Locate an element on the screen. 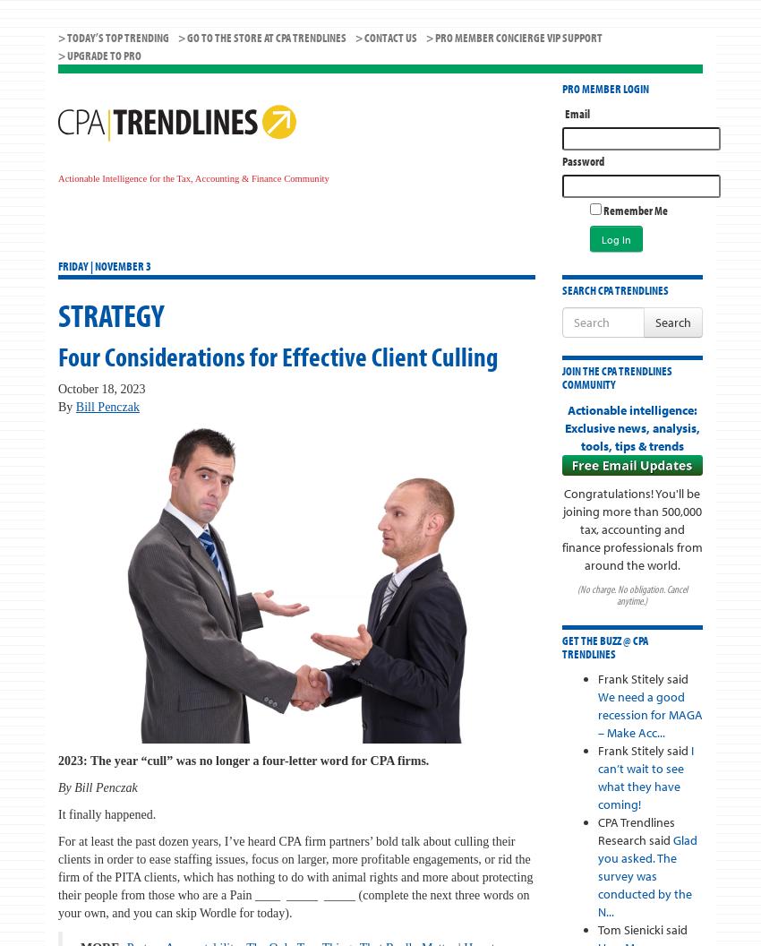 Image resolution: width=761 pixels, height=946 pixels. '(No charge. No obligation. Cancel anytime.)' is located at coordinates (630, 595).